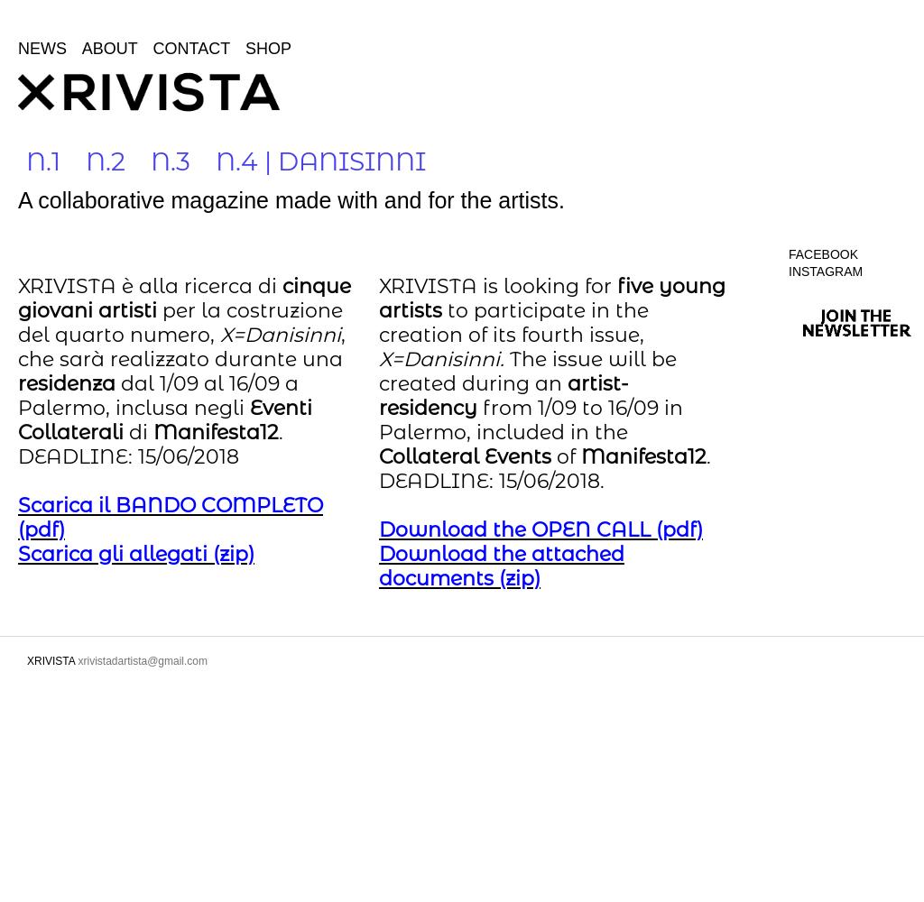 The width and height of the screenshot is (924, 902). What do you see at coordinates (78, 660) in the screenshot?
I see `'xrivistadartista@gmail.com'` at bounding box center [78, 660].